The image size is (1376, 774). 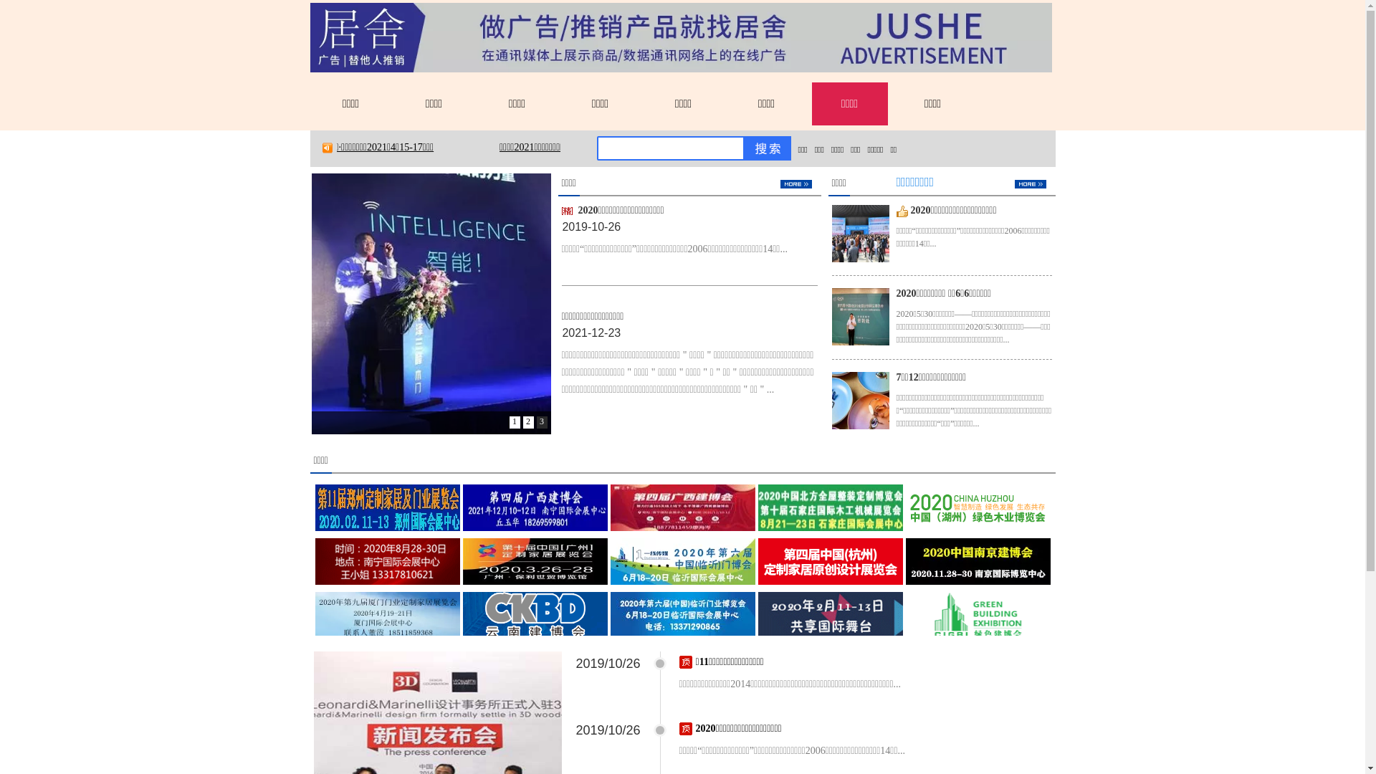 I want to click on '2021-12-23', so click(x=591, y=333).